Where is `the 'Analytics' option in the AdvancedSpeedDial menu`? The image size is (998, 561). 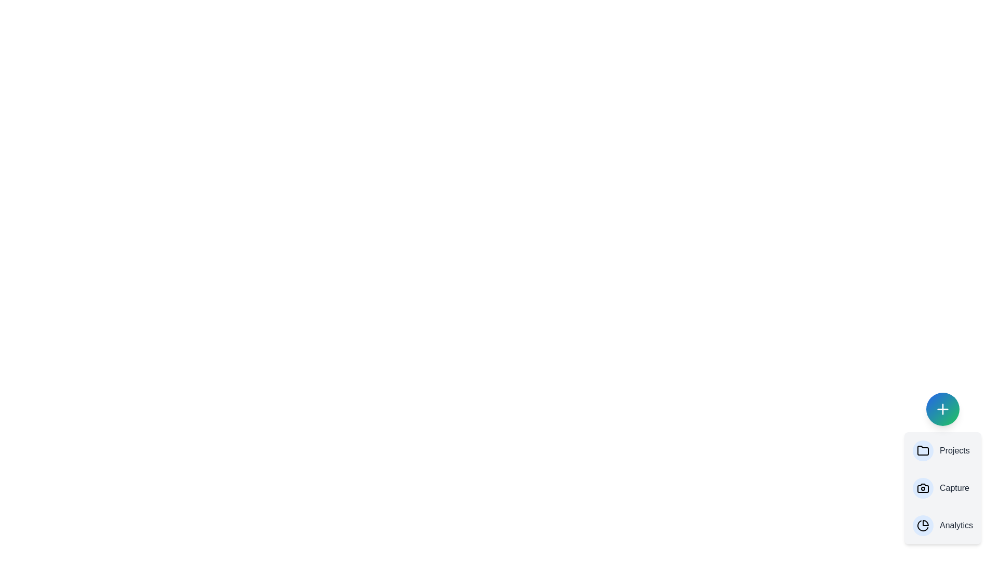
the 'Analytics' option in the AdvancedSpeedDial menu is located at coordinates (943, 525).